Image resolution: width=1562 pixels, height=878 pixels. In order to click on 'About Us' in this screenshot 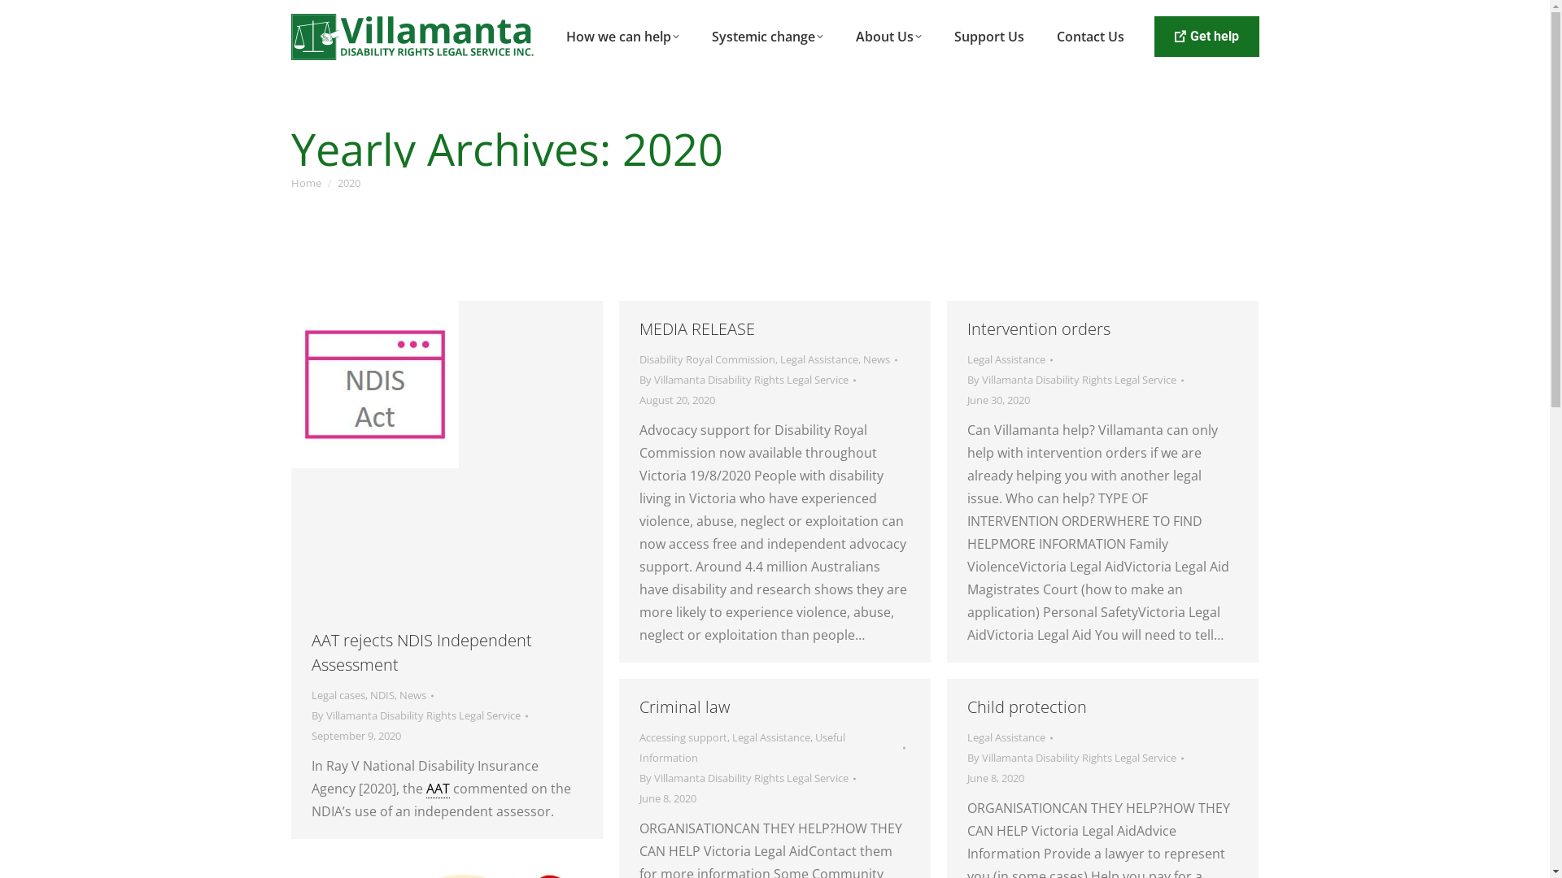, I will do `click(888, 37)`.